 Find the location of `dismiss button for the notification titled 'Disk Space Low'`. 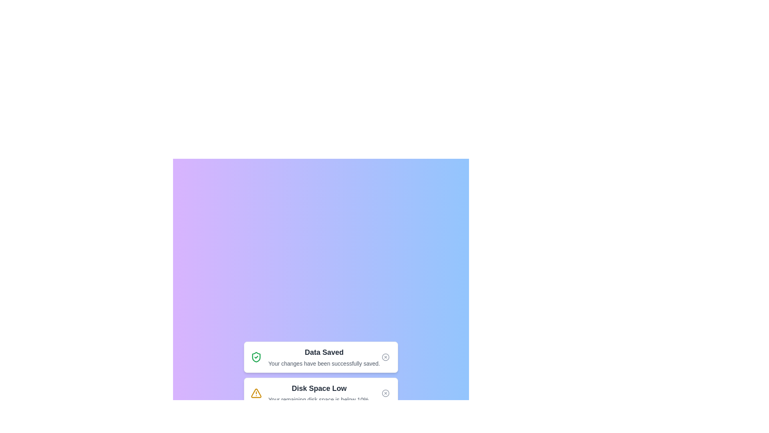

dismiss button for the notification titled 'Disk Space Low' is located at coordinates (385, 393).